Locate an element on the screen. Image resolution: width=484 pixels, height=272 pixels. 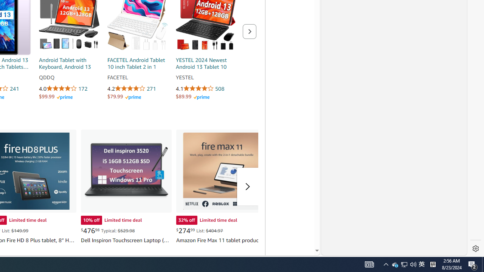
'4.2 out of 5 stars 271 ratings' is located at coordinates (138, 88).